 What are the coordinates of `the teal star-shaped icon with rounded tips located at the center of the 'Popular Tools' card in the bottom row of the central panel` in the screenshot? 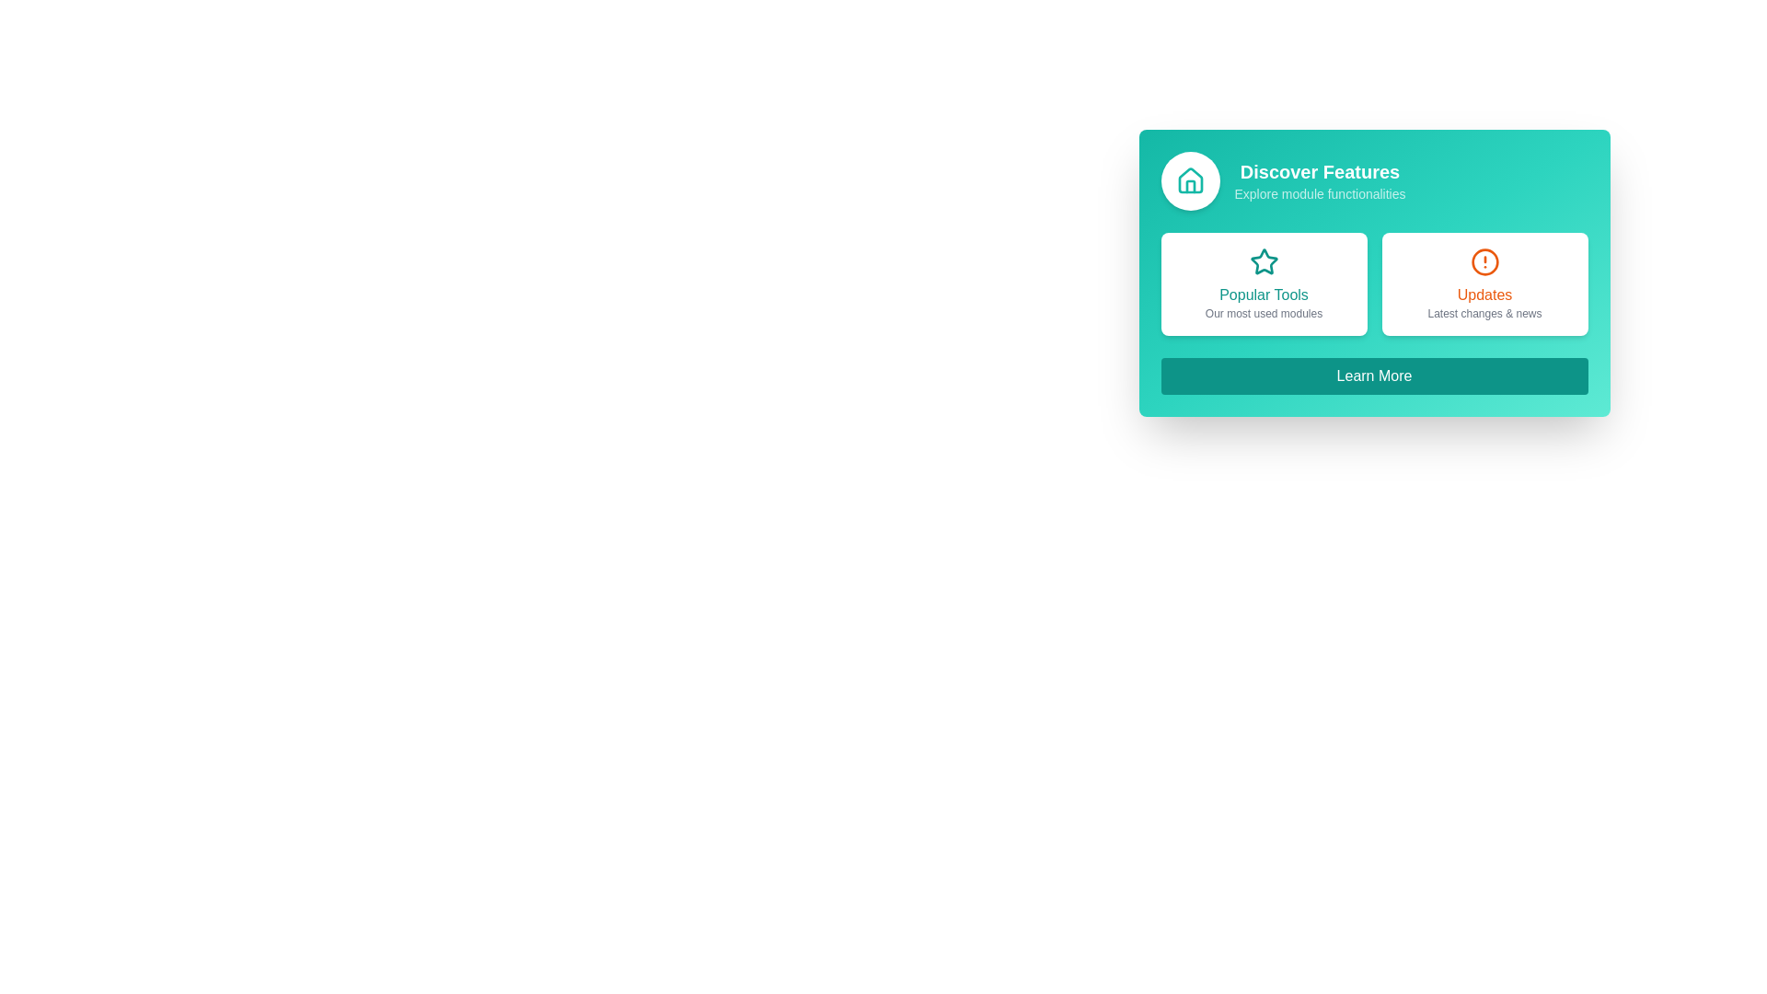 It's located at (1263, 261).